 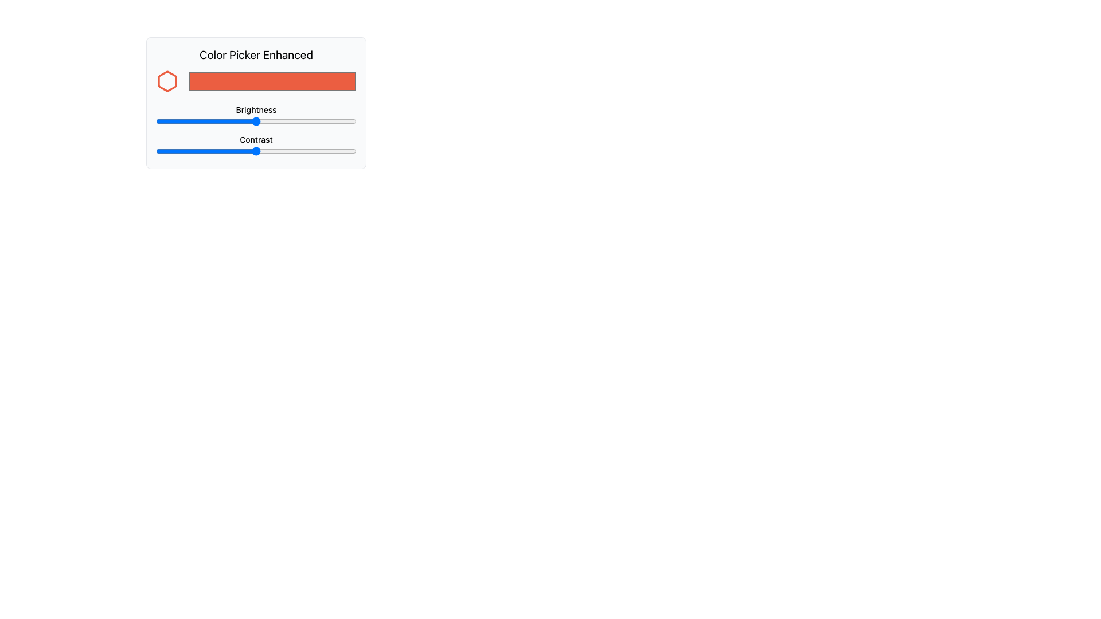 What do you see at coordinates (224, 150) in the screenshot?
I see `contrast` at bounding box center [224, 150].